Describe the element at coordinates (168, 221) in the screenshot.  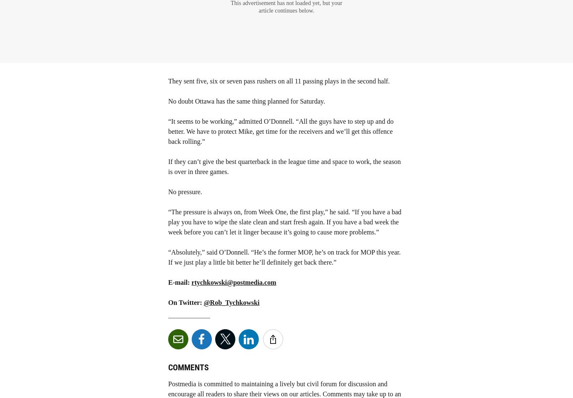
I see `'“The pressure is always on, from Week One, the first play,” he said. “If you have a bad play you have to wipe the slate clean and start fresh again. If you have a bad week the week before you can’t let it linger because it’s going to cause more problems.”'` at that location.